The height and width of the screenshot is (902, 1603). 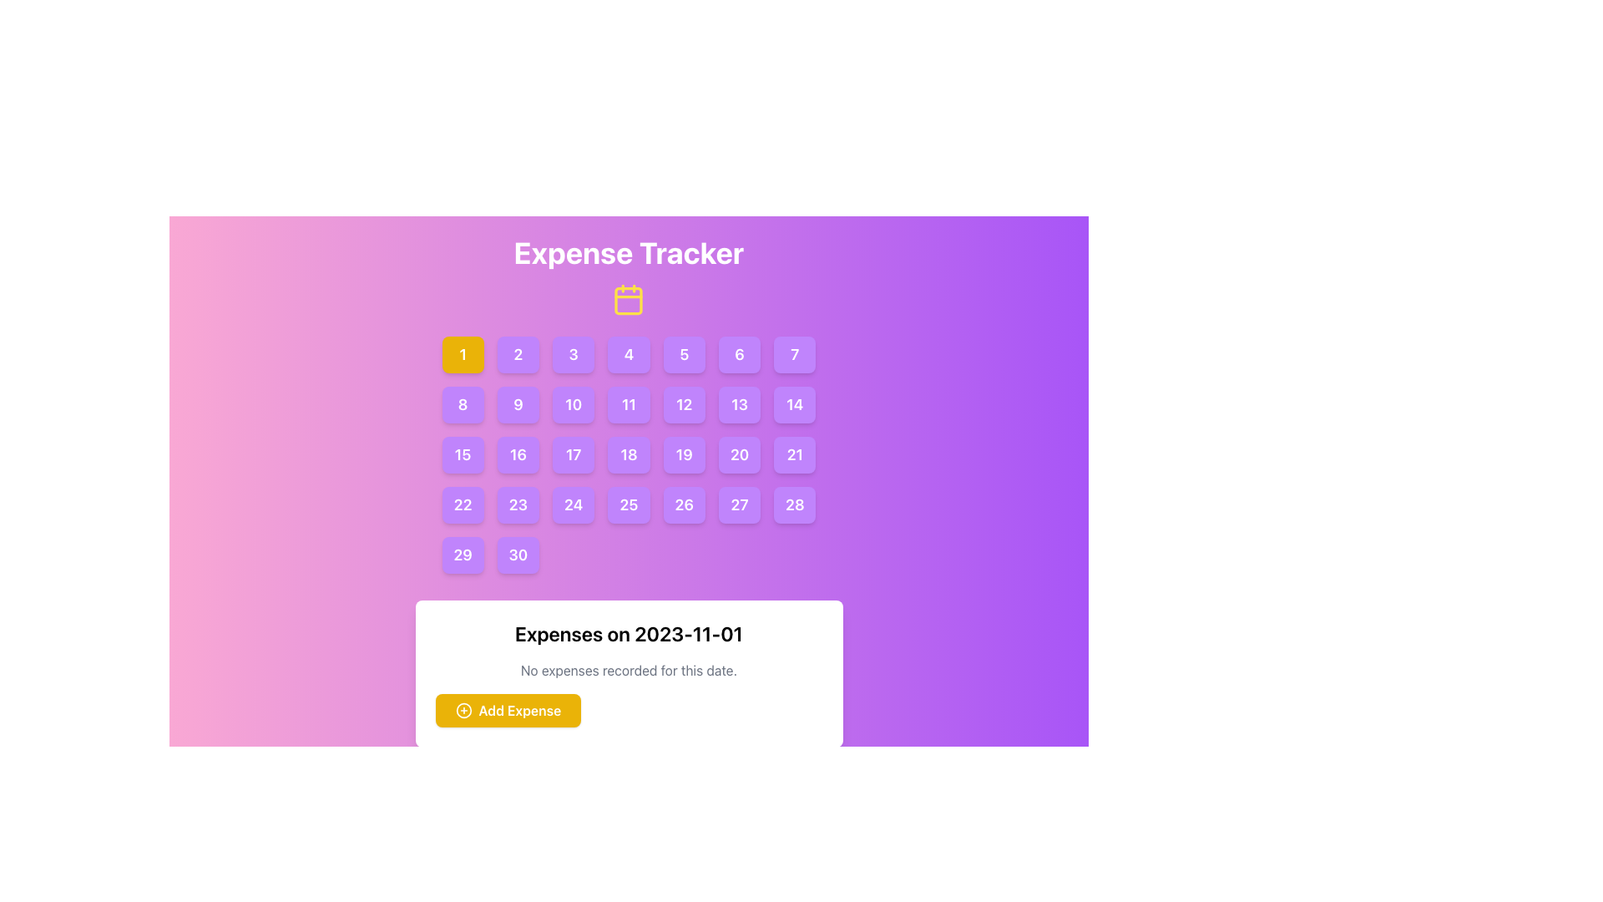 I want to click on the button representing the date '6' in the calendar to observe visual feedback, so click(x=739, y=353).